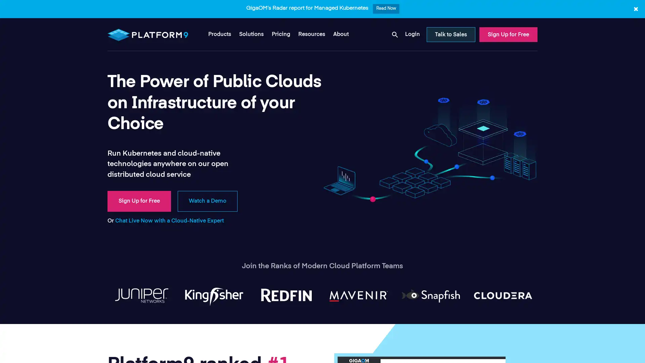 The height and width of the screenshot is (363, 645). What do you see at coordinates (412, 49) in the screenshot?
I see `Search` at bounding box center [412, 49].